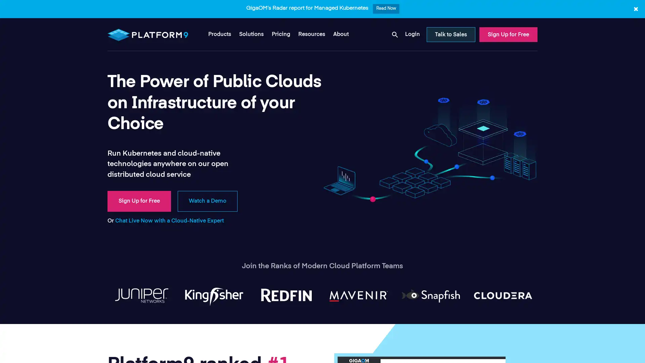 The height and width of the screenshot is (363, 645). What do you see at coordinates (412, 49) in the screenshot?
I see `Search` at bounding box center [412, 49].